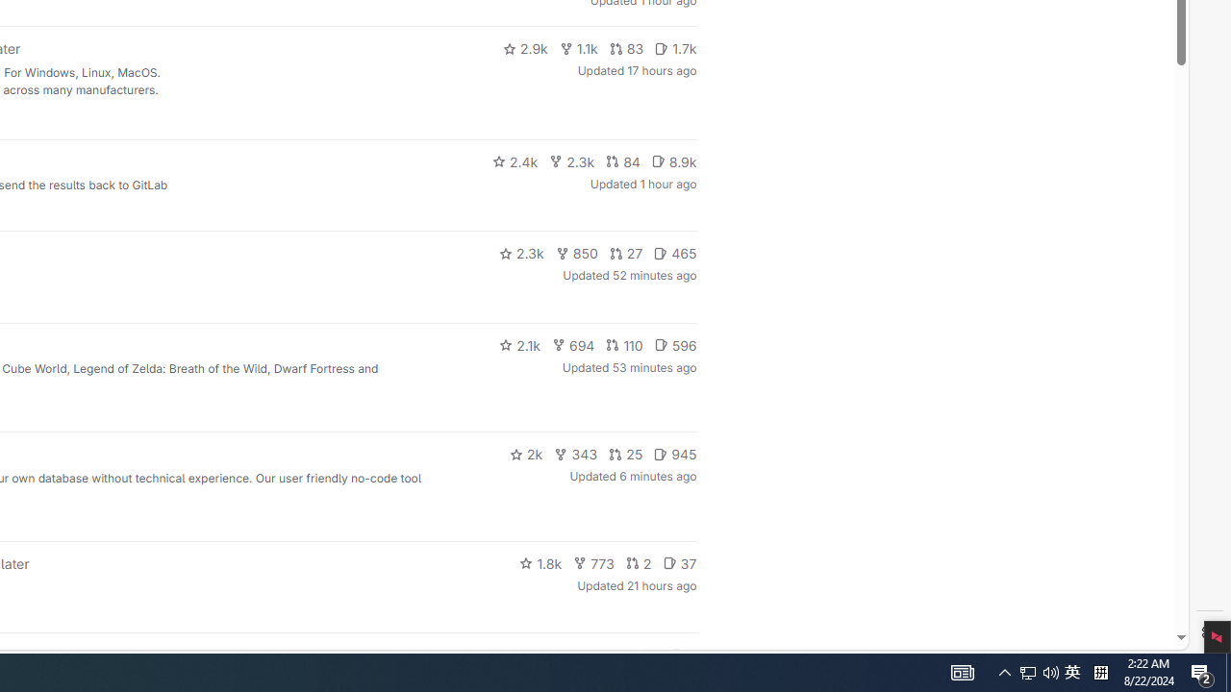 The width and height of the screenshot is (1231, 692). I want to click on '84', so click(622, 161).